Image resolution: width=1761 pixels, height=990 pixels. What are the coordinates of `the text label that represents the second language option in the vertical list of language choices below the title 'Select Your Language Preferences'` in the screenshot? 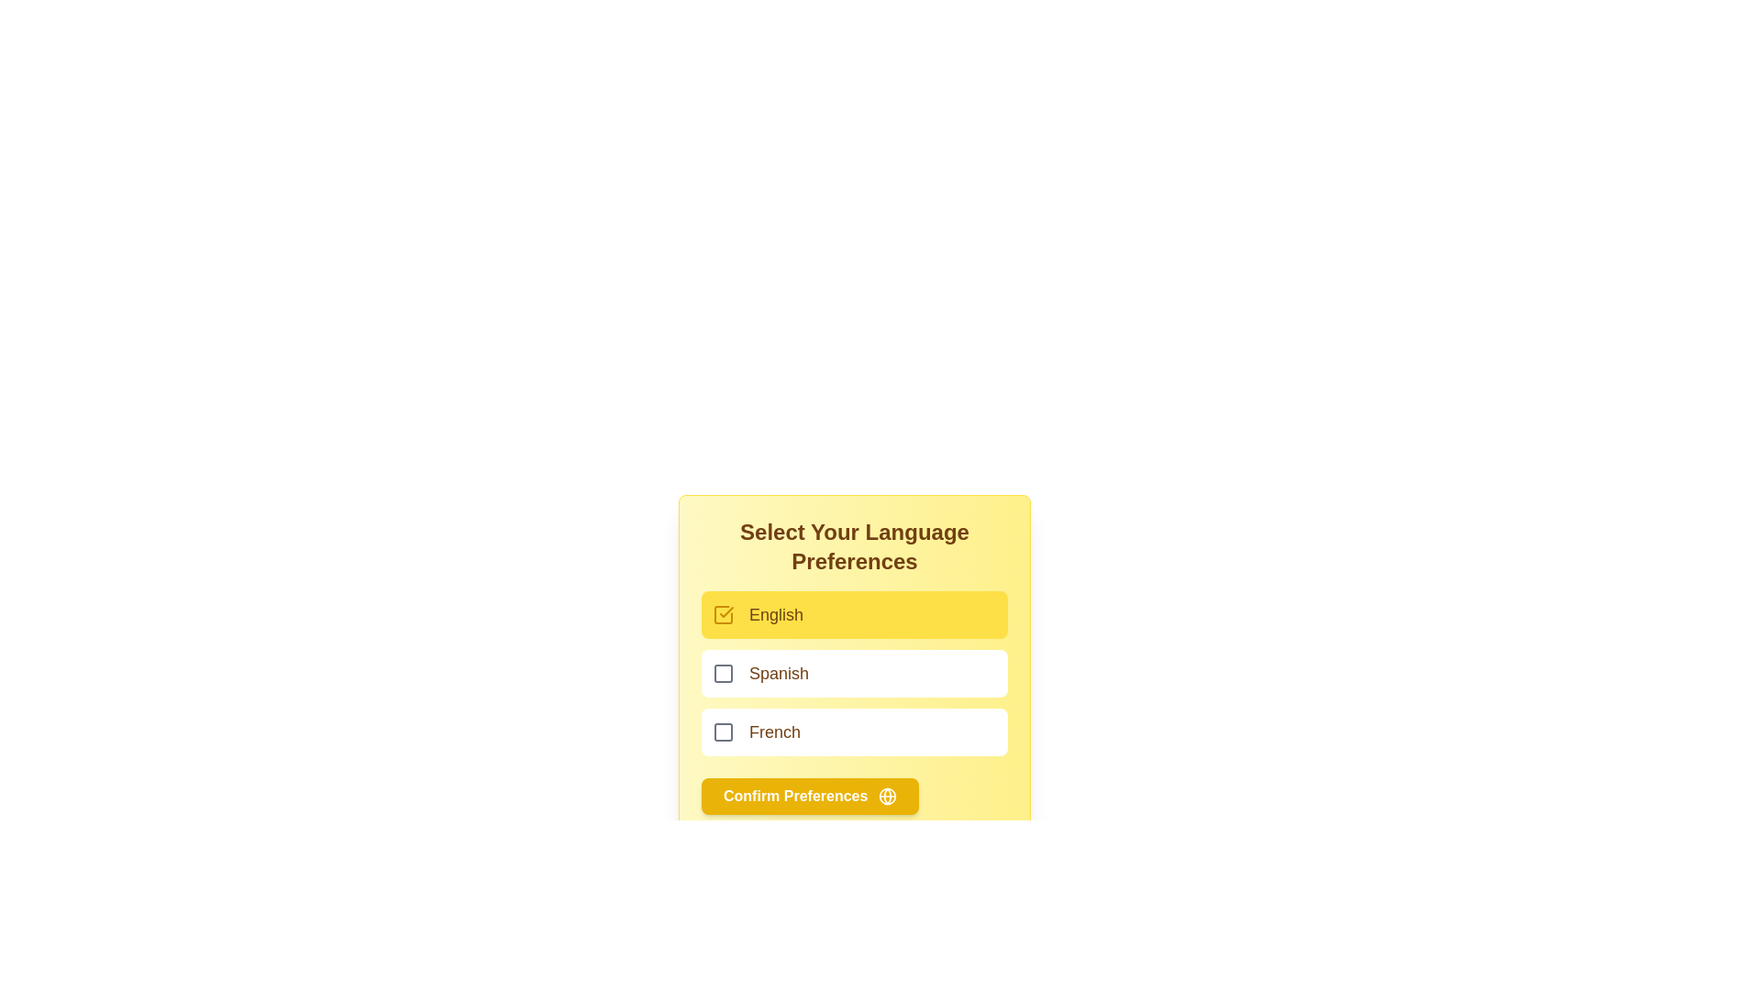 It's located at (779, 674).